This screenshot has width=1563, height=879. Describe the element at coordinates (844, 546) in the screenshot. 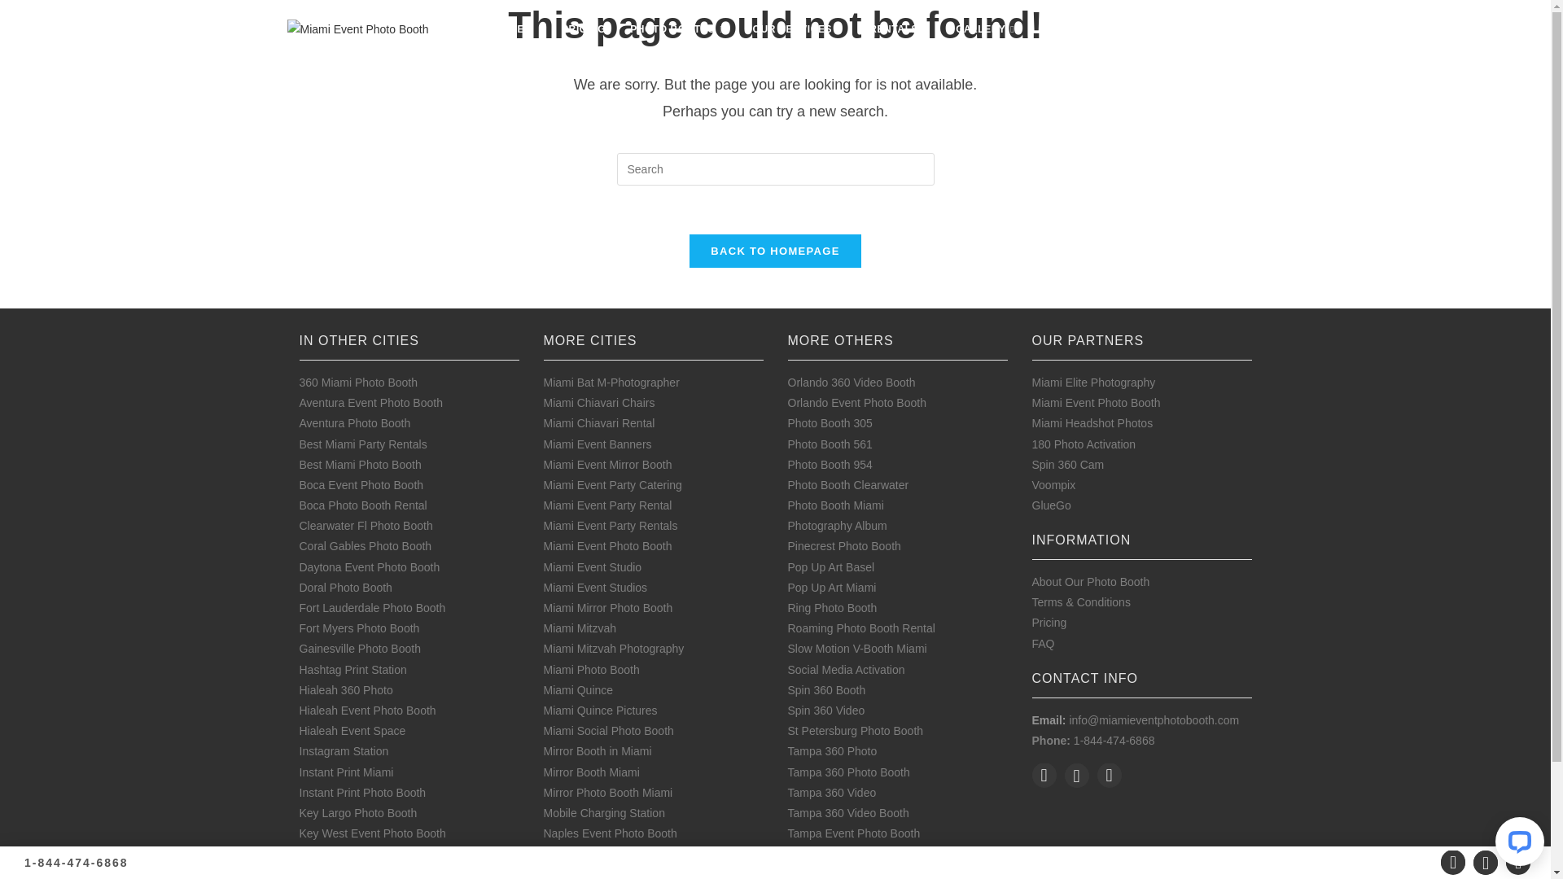

I see `'Pinecrest Photo Booth'` at that location.